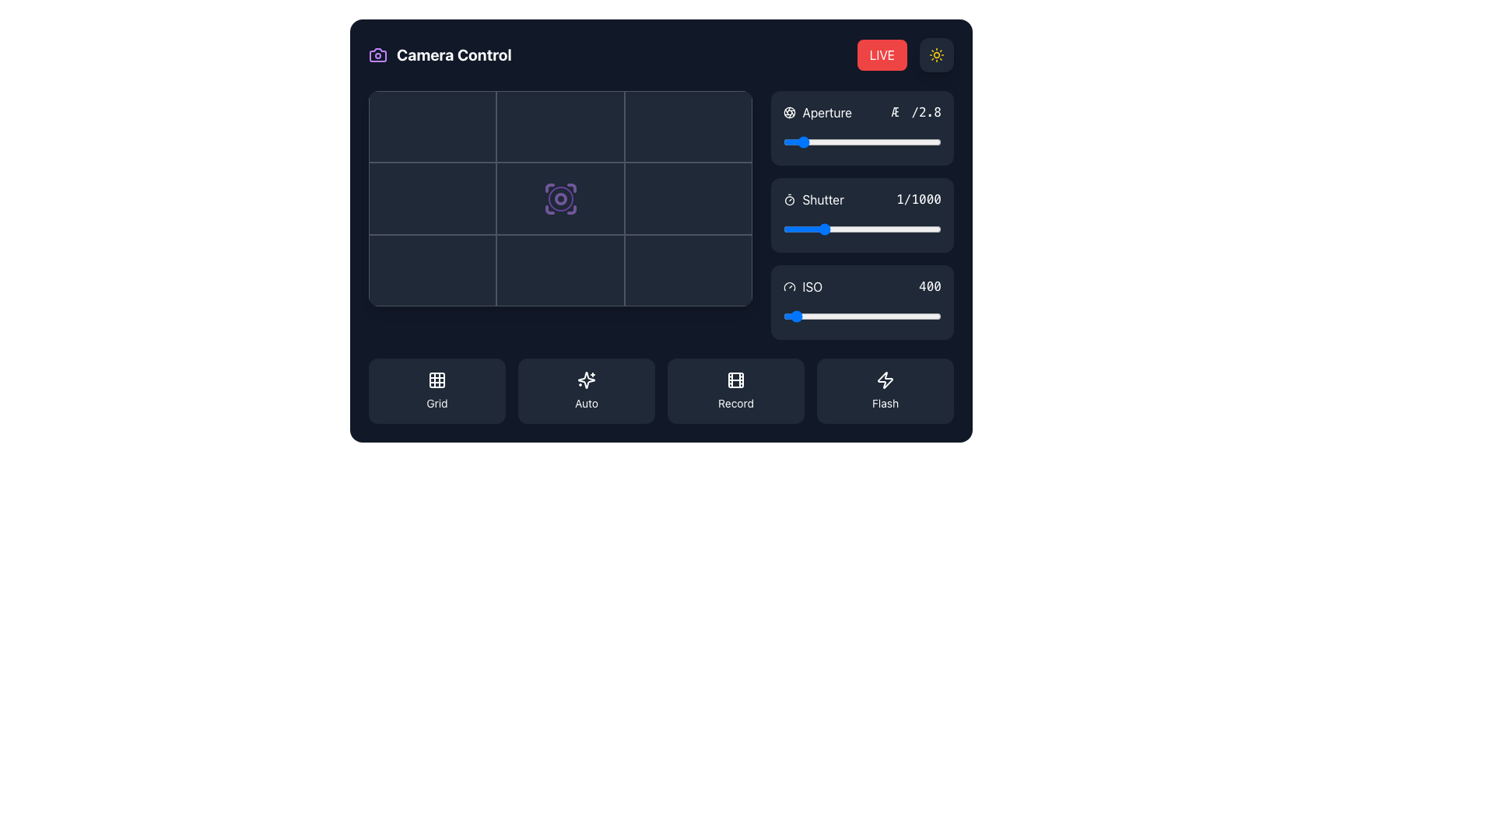  What do you see at coordinates (560, 198) in the screenshot?
I see `the pulsating animation of the focus indicator, which is positioned at the center of the grid and serves as the active targeting point` at bounding box center [560, 198].